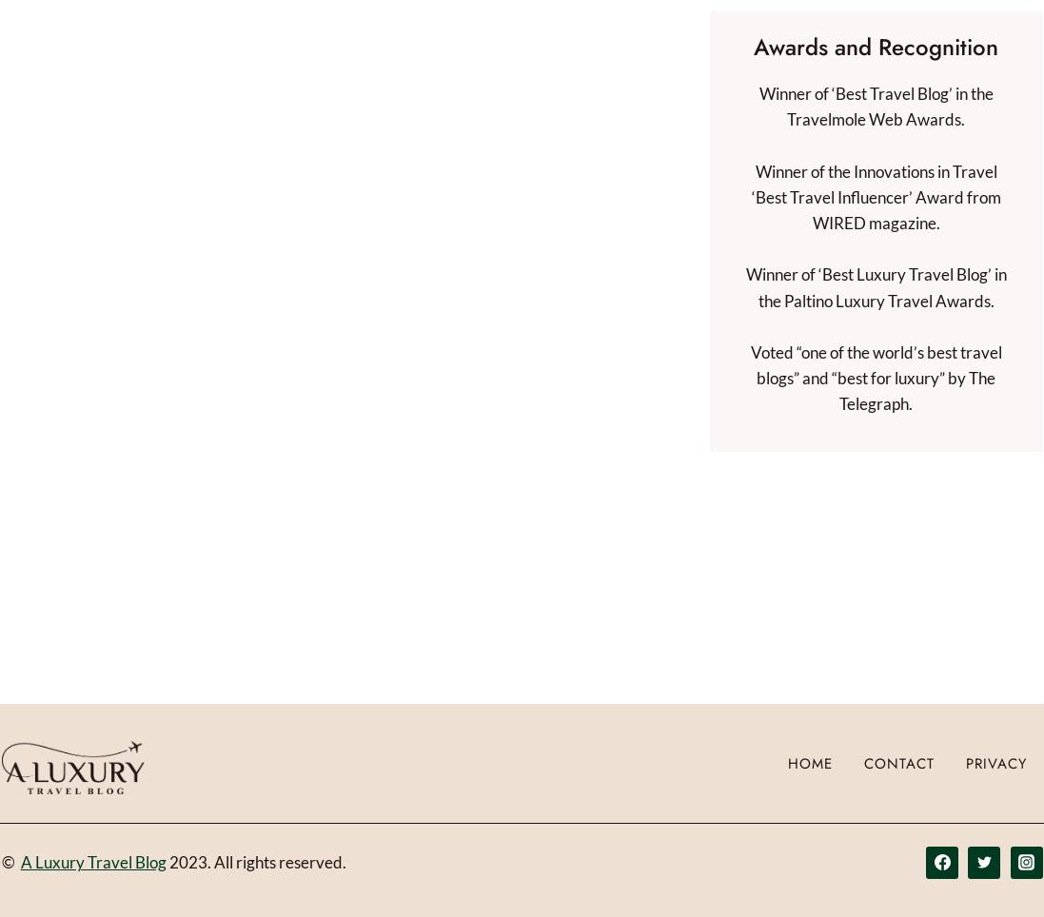 The image size is (1044, 917). What do you see at coordinates (810, 763) in the screenshot?
I see `'Home'` at bounding box center [810, 763].